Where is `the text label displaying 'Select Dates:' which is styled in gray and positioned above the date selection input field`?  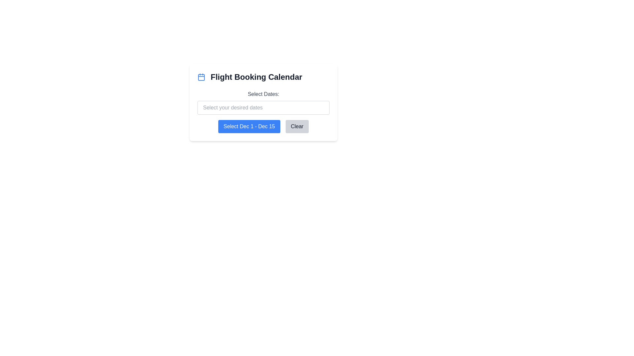 the text label displaying 'Select Dates:' which is styled in gray and positioned above the date selection input field is located at coordinates (263, 94).